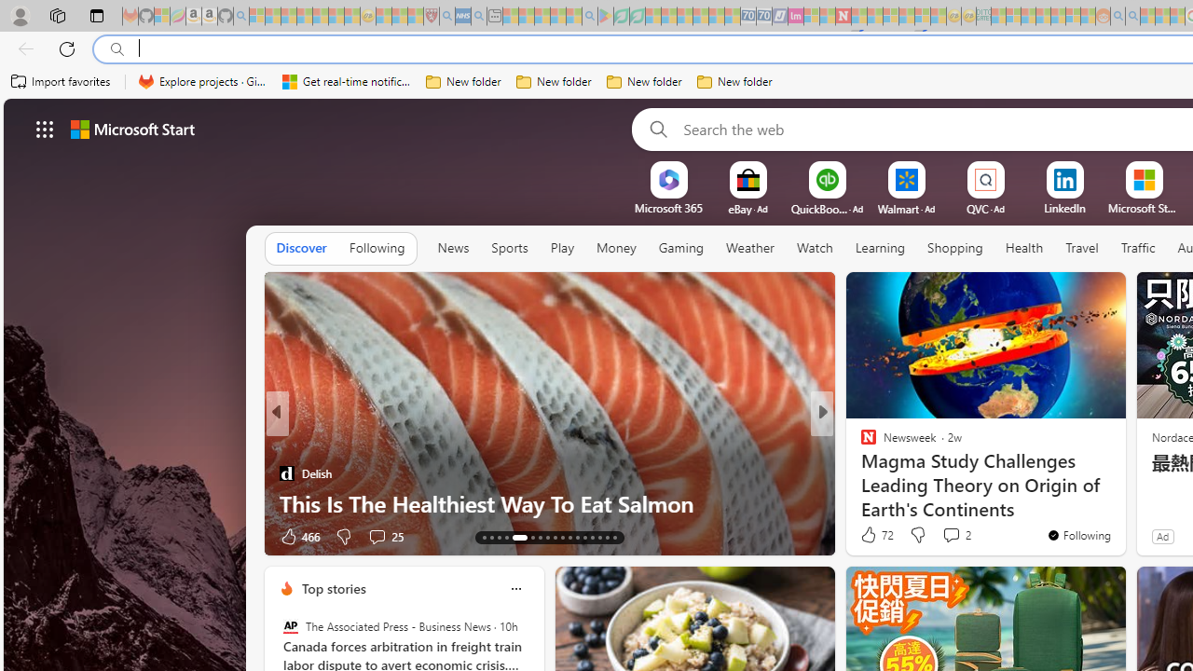 Image resolution: width=1193 pixels, height=671 pixels. I want to click on 'AutomationID: tab-24', so click(576, 538).